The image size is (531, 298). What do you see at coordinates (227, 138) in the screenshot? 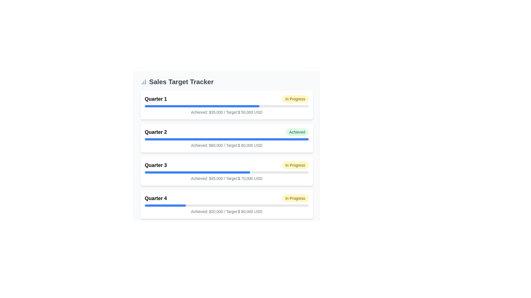
I see `progress bar for the 'Quarter 2' section, which is part of the 'Sales Target Tracker' and visually represented with a blue color indicating completion` at bounding box center [227, 138].